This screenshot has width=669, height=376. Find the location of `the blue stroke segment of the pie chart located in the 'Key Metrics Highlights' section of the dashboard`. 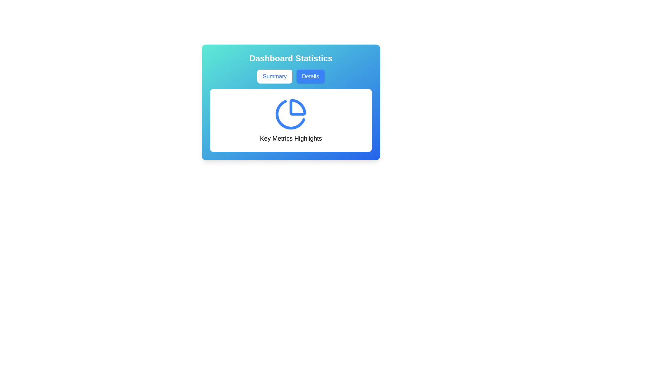

the blue stroke segment of the pie chart located in the 'Key Metrics Highlights' section of the dashboard is located at coordinates (290, 114).